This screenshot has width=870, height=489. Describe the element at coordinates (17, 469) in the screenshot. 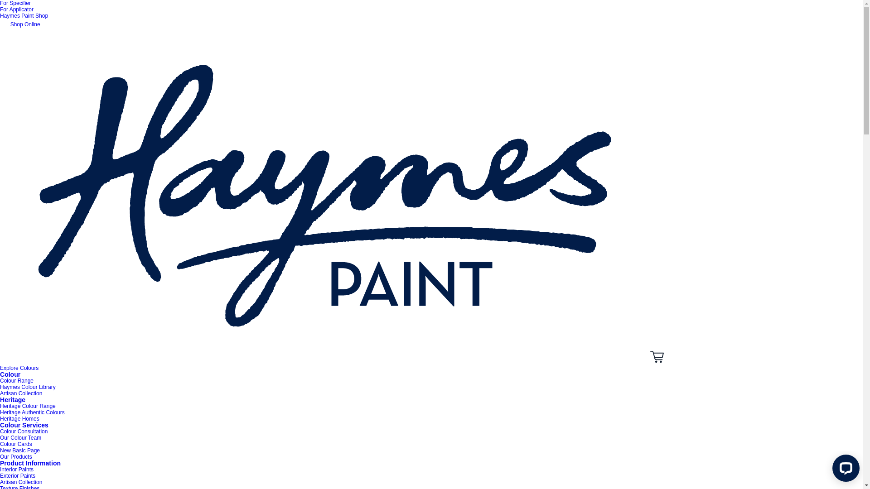

I see `'Interior Paints'` at that location.